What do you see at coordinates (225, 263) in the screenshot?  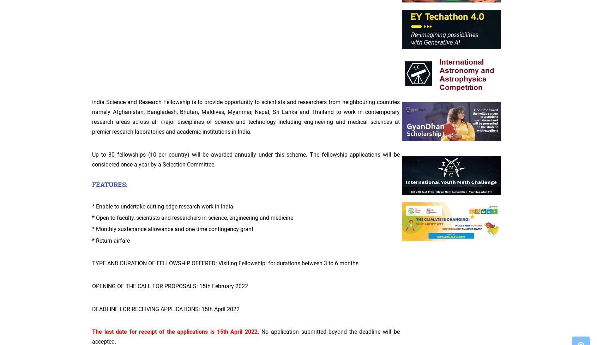 I see `'TYPE AND DURATION OF FELLOWSHIP OFFERED: Visiting Fellowship: for durations between 3 to 6 months'` at bounding box center [225, 263].